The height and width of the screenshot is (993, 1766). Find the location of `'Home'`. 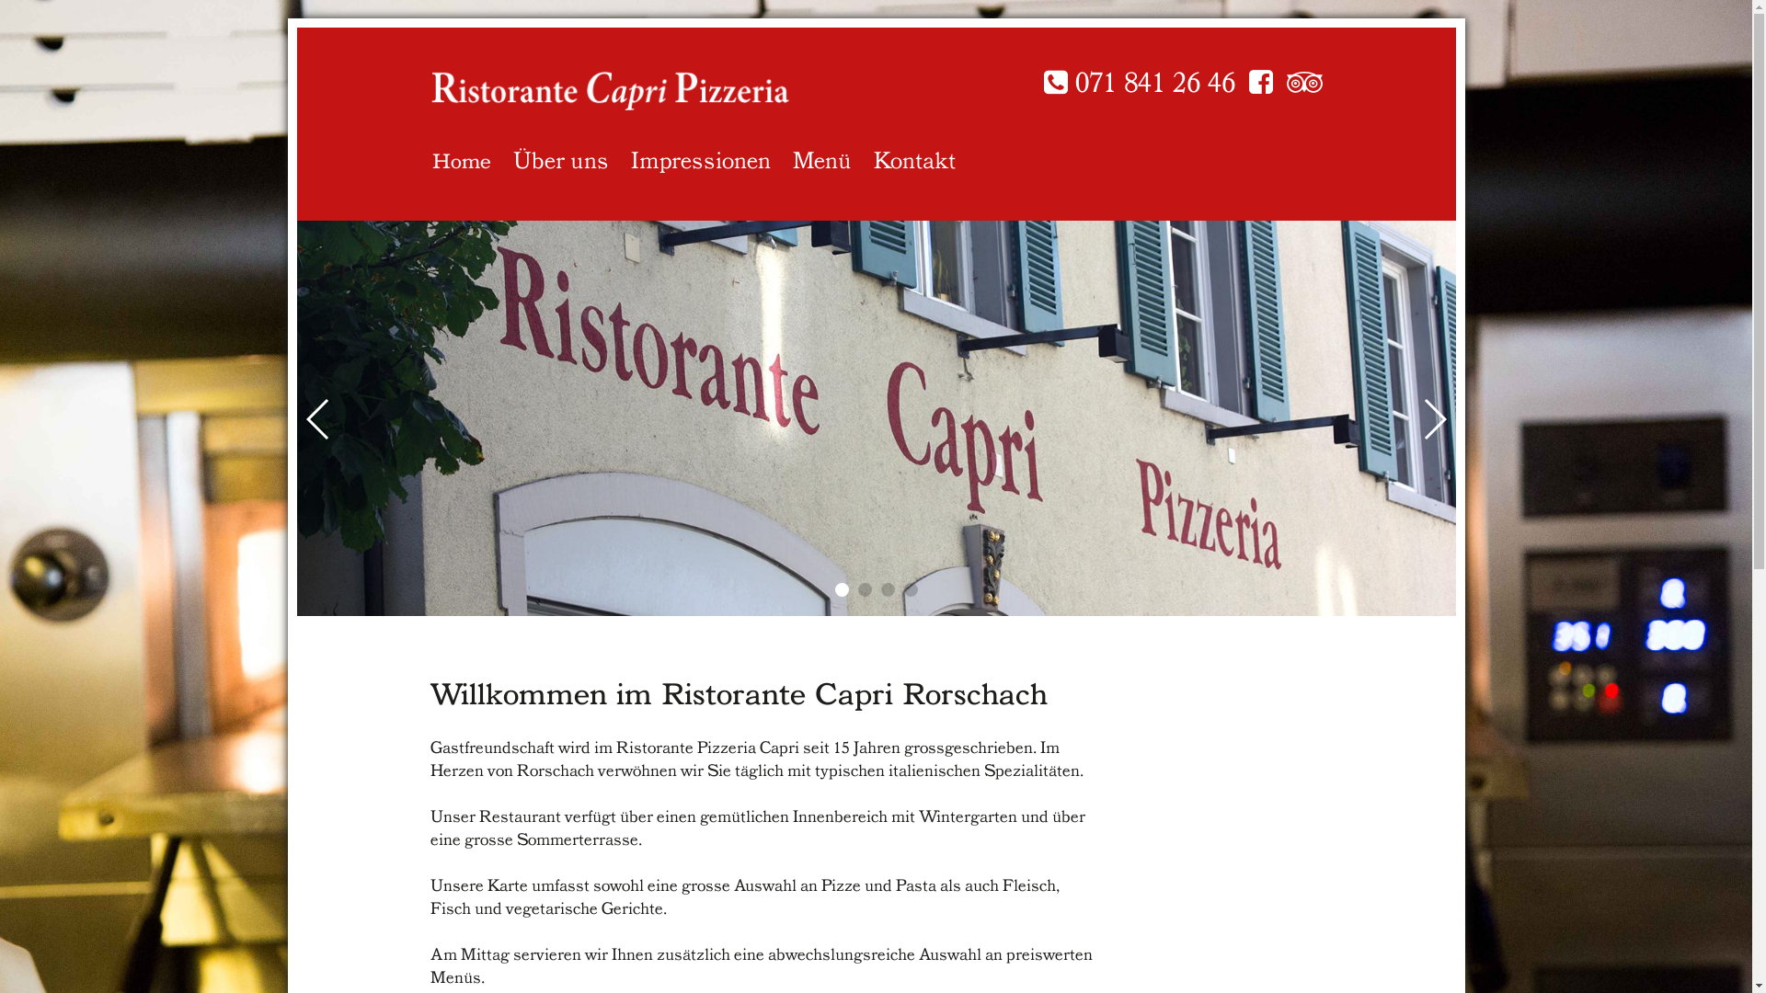

'Home' is located at coordinates (462, 154).